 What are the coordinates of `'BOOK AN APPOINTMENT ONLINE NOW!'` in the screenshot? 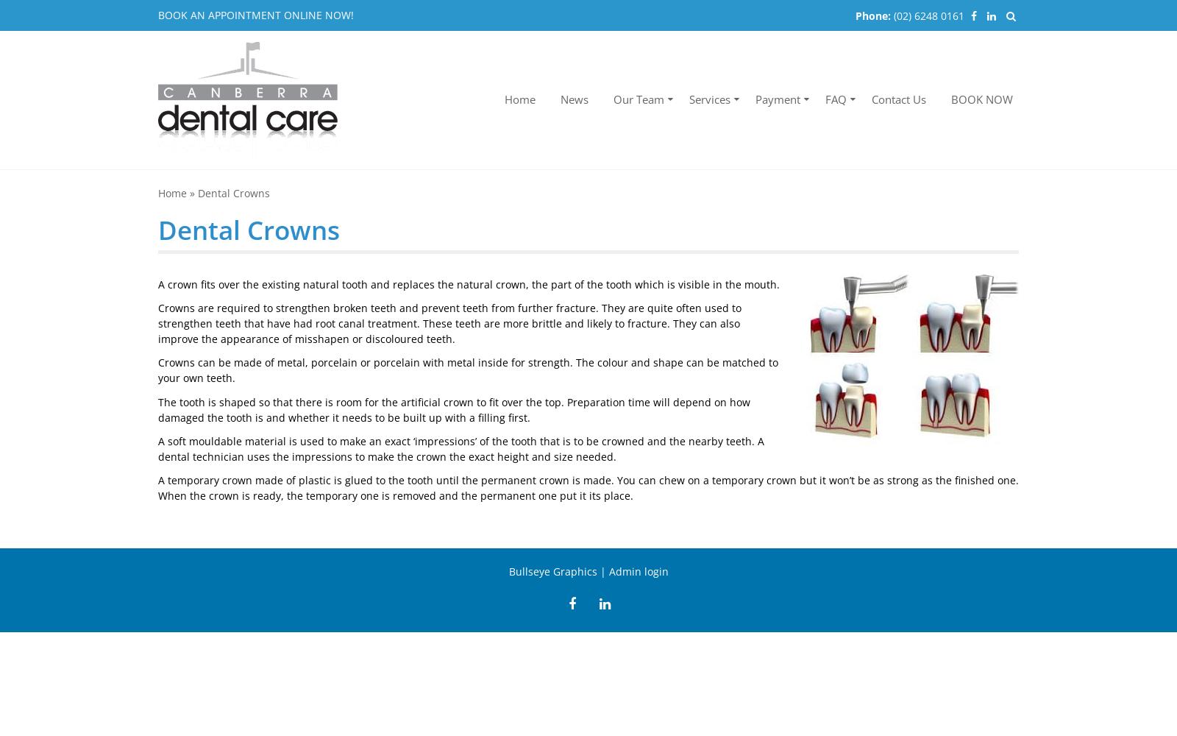 It's located at (256, 15).